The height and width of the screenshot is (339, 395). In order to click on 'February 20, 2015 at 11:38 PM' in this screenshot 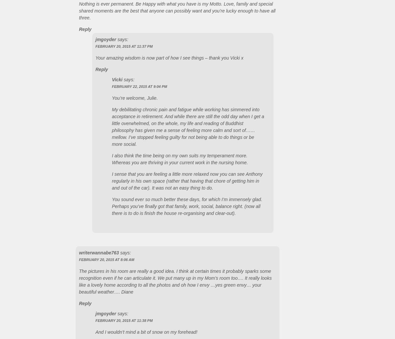, I will do `click(124, 320)`.